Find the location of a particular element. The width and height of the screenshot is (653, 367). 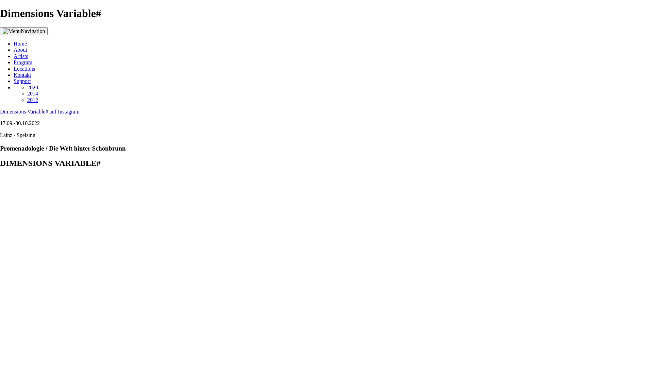

'Kontakt' is located at coordinates (22, 75).